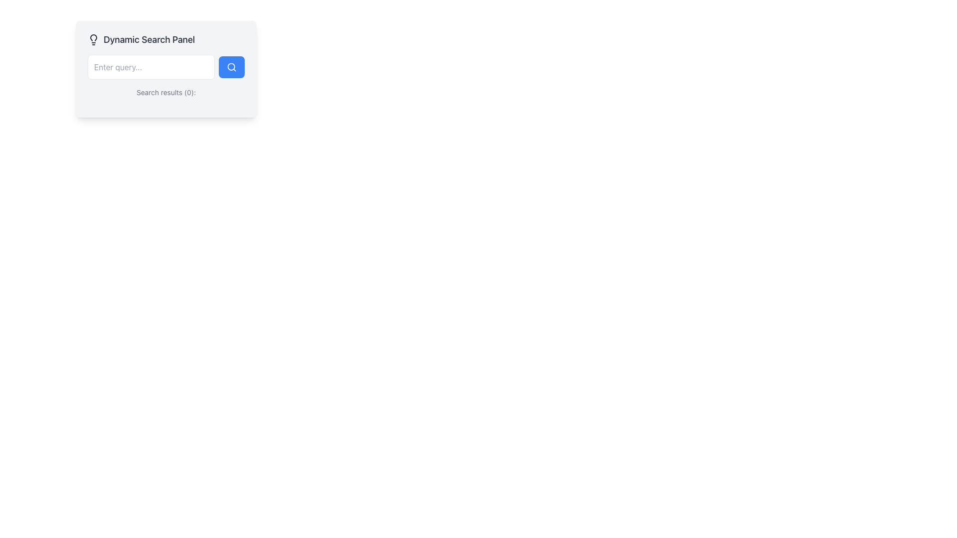  What do you see at coordinates (231, 67) in the screenshot?
I see `the central circular icon of the magnifying glass, which is located at the top-right corner of the search bar` at bounding box center [231, 67].